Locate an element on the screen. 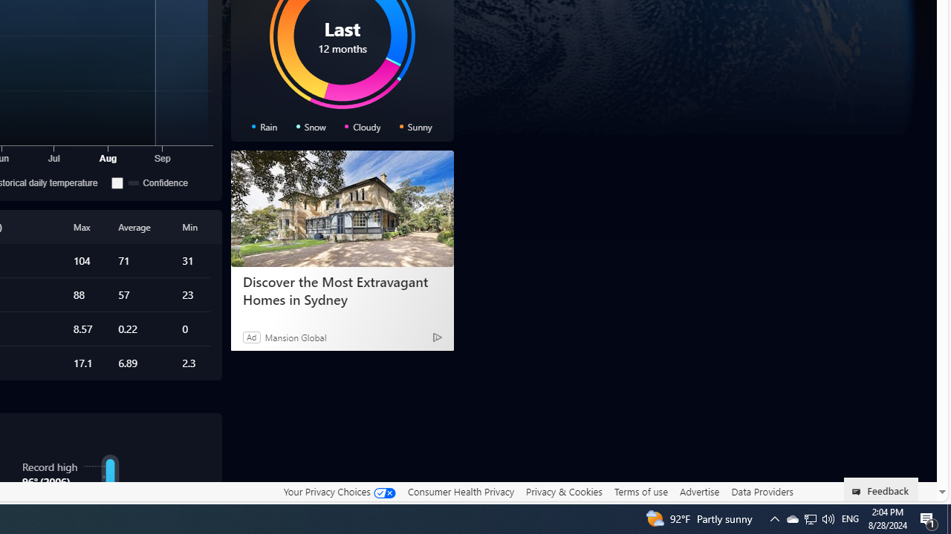 The width and height of the screenshot is (951, 534). 'Ad Choice' is located at coordinates (436, 337).